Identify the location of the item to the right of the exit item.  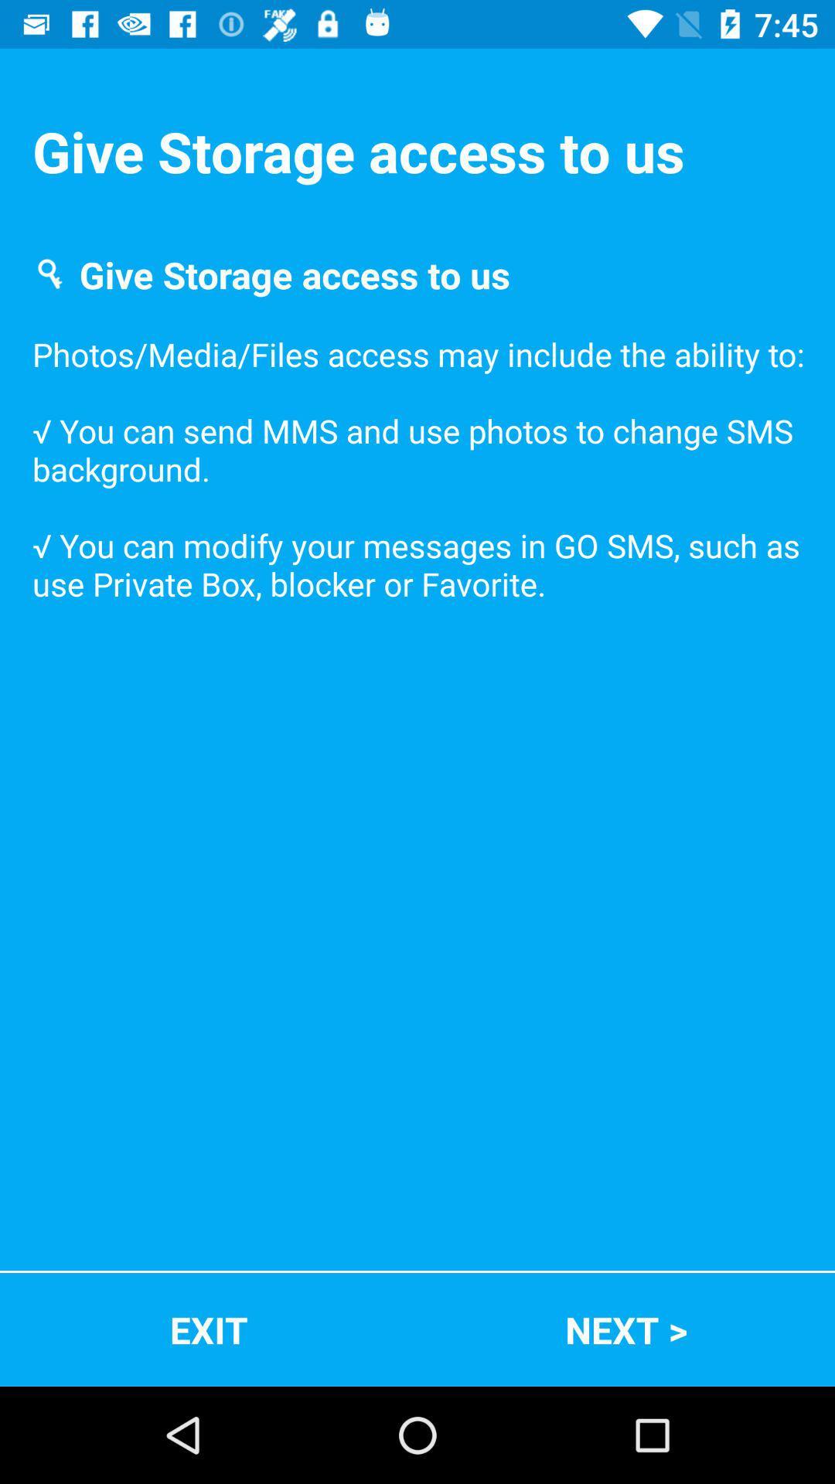
(626, 1329).